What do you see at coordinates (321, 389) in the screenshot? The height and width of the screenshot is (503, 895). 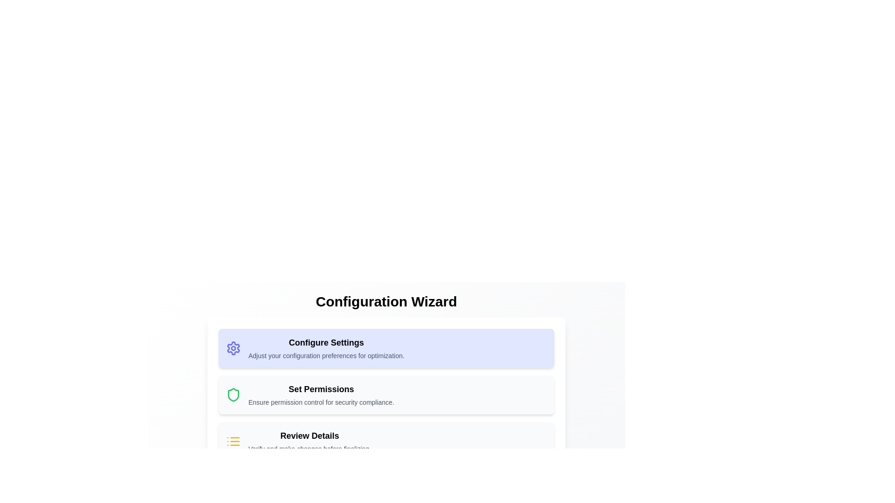 I see `text label that says 'Set Permissions', which is styled in bold and larger font, located in the section titled 'Set Permissions Ensure permission control for security compliance.'` at bounding box center [321, 389].